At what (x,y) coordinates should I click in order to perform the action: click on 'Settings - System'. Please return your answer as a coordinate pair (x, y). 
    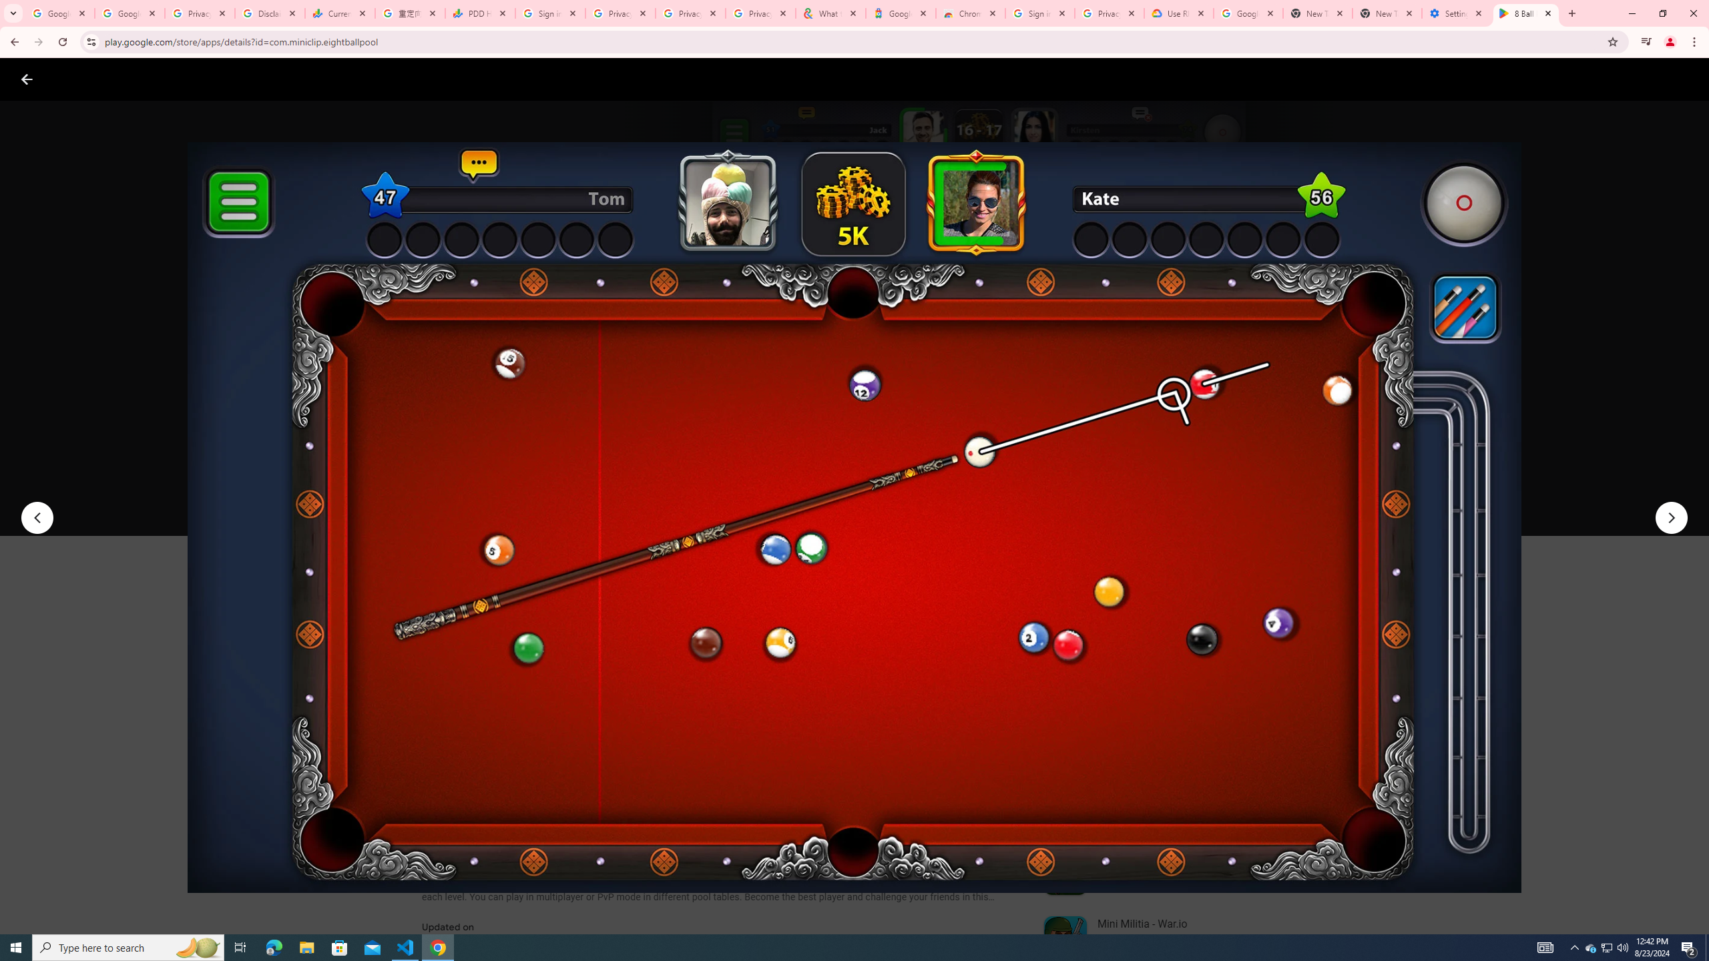
    Looking at the image, I should click on (1456, 13).